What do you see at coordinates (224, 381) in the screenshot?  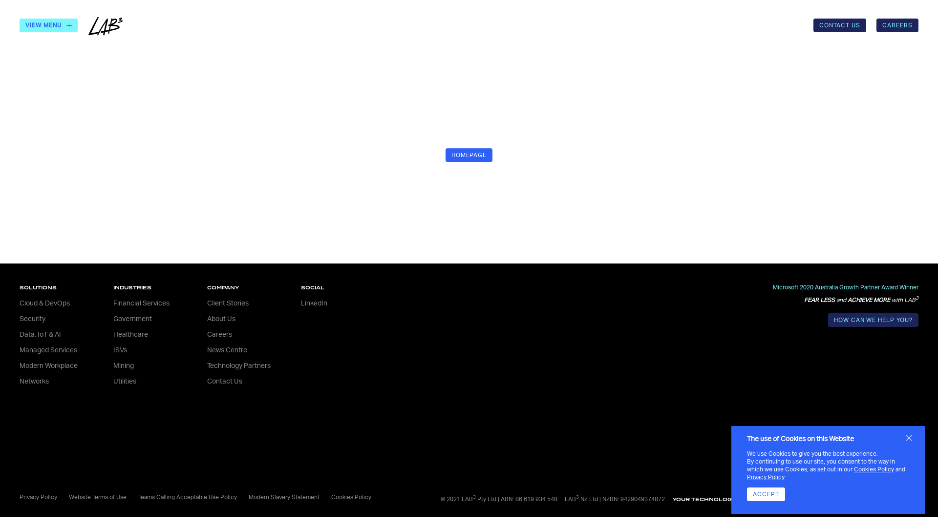 I see `'Contact Us'` at bounding box center [224, 381].